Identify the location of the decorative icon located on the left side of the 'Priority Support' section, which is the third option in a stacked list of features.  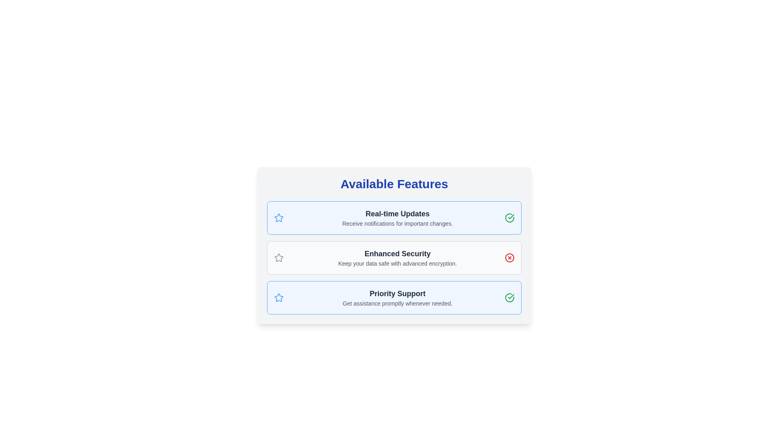
(279, 298).